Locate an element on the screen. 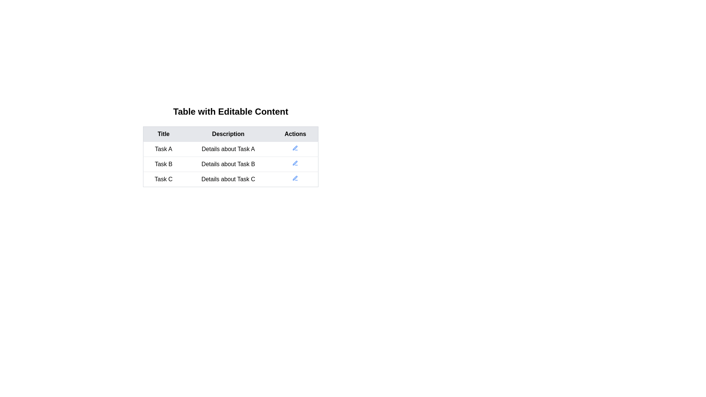 This screenshot has height=397, width=706. the text label in the third row of the 'Title' column that identifies the task labeled 'Task C' is located at coordinates (163, 179).